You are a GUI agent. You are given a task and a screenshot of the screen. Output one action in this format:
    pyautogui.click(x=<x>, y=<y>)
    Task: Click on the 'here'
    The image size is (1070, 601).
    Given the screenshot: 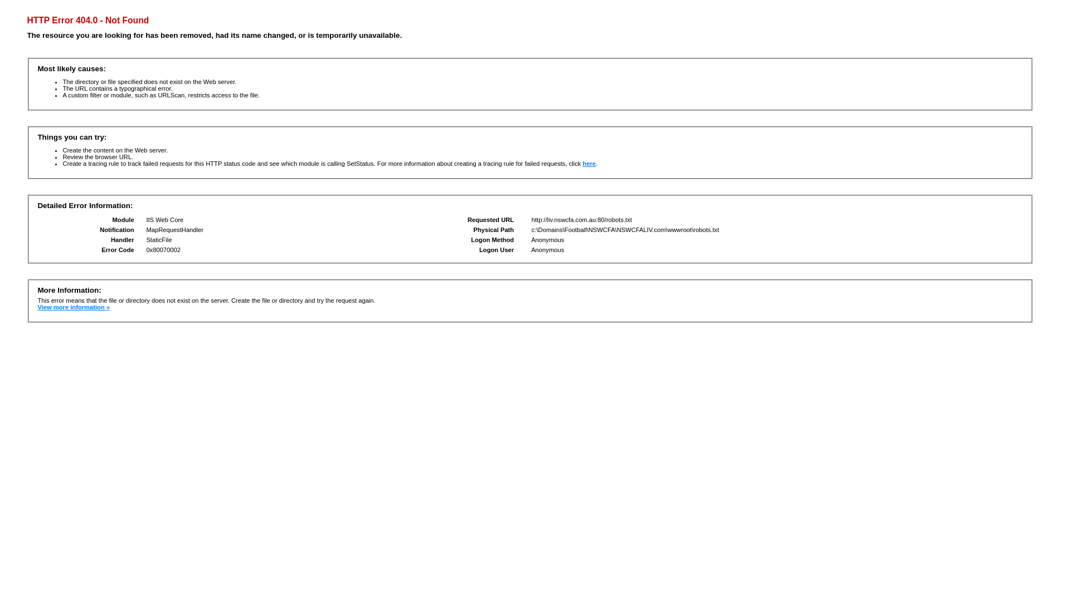 What is the action you would take?
    pyautogui.click(x=588, y=163)
    